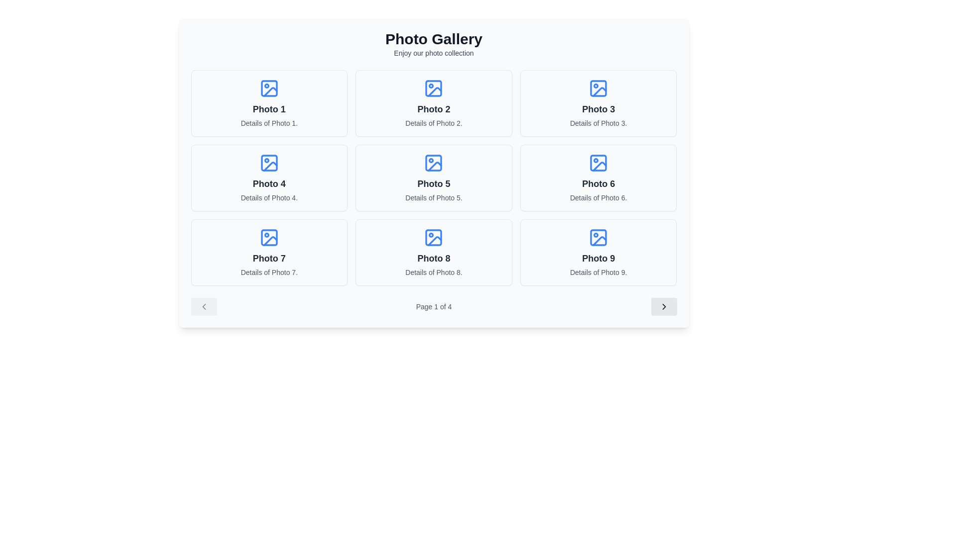 The height and width of the screenshot is (537, 956). Describe the element at coordinates (434, 272) in the screenshot. I see `text label displaying 'Details of Photo 8.' located below the bold heading 'Photo 8' within the bordered card associated with 'Photo 8'` at that location.